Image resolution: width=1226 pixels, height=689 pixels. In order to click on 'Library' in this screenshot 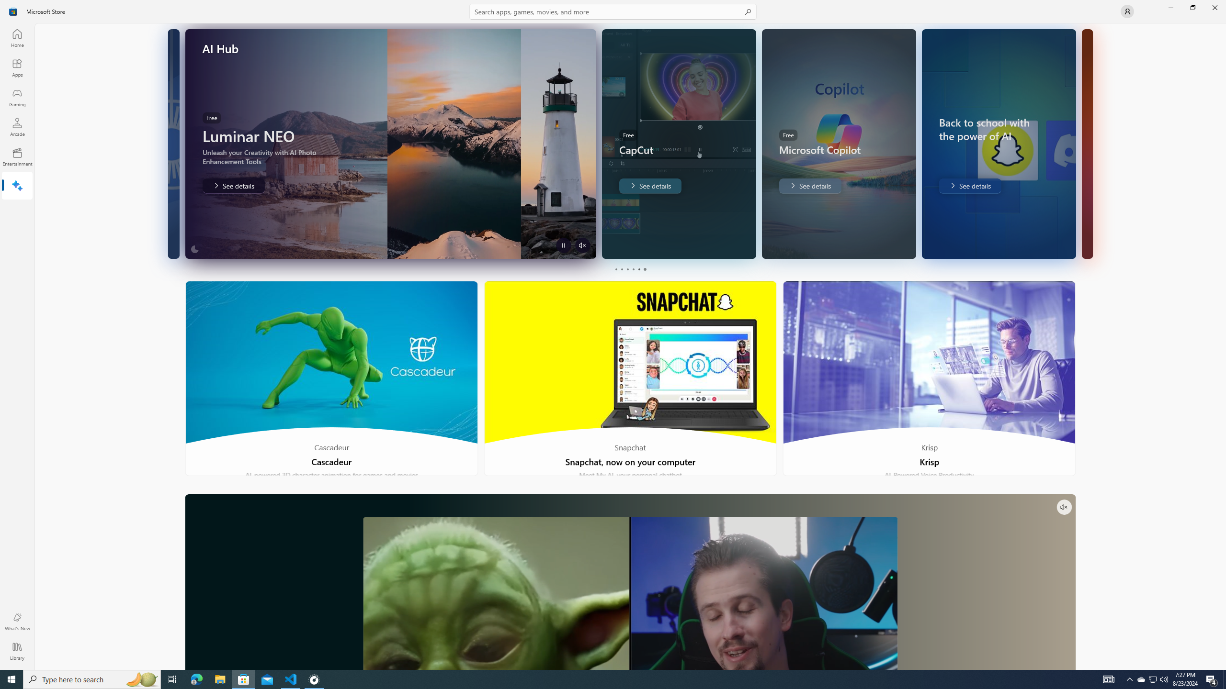, I will do `click(16, 651)`.